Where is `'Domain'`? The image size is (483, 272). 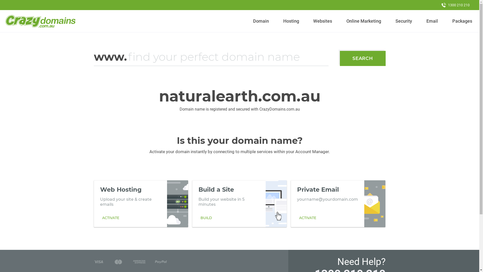 'Domain' is located at coordinates (261, 21).